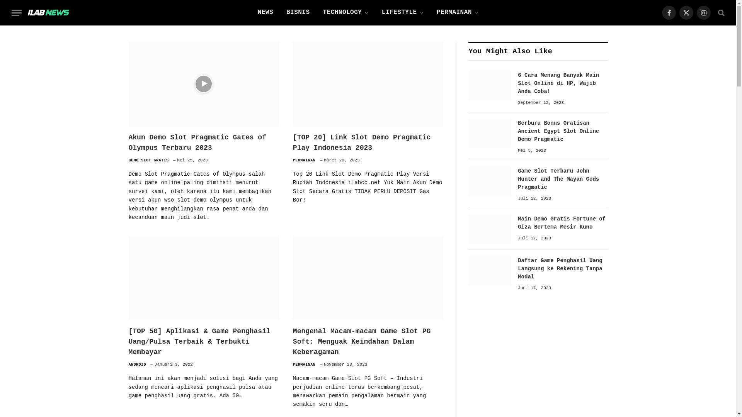  What do you see at coordinates (703, 13) in the screenshot?
I see `'Instagram'` at bounding box center [703, 13].